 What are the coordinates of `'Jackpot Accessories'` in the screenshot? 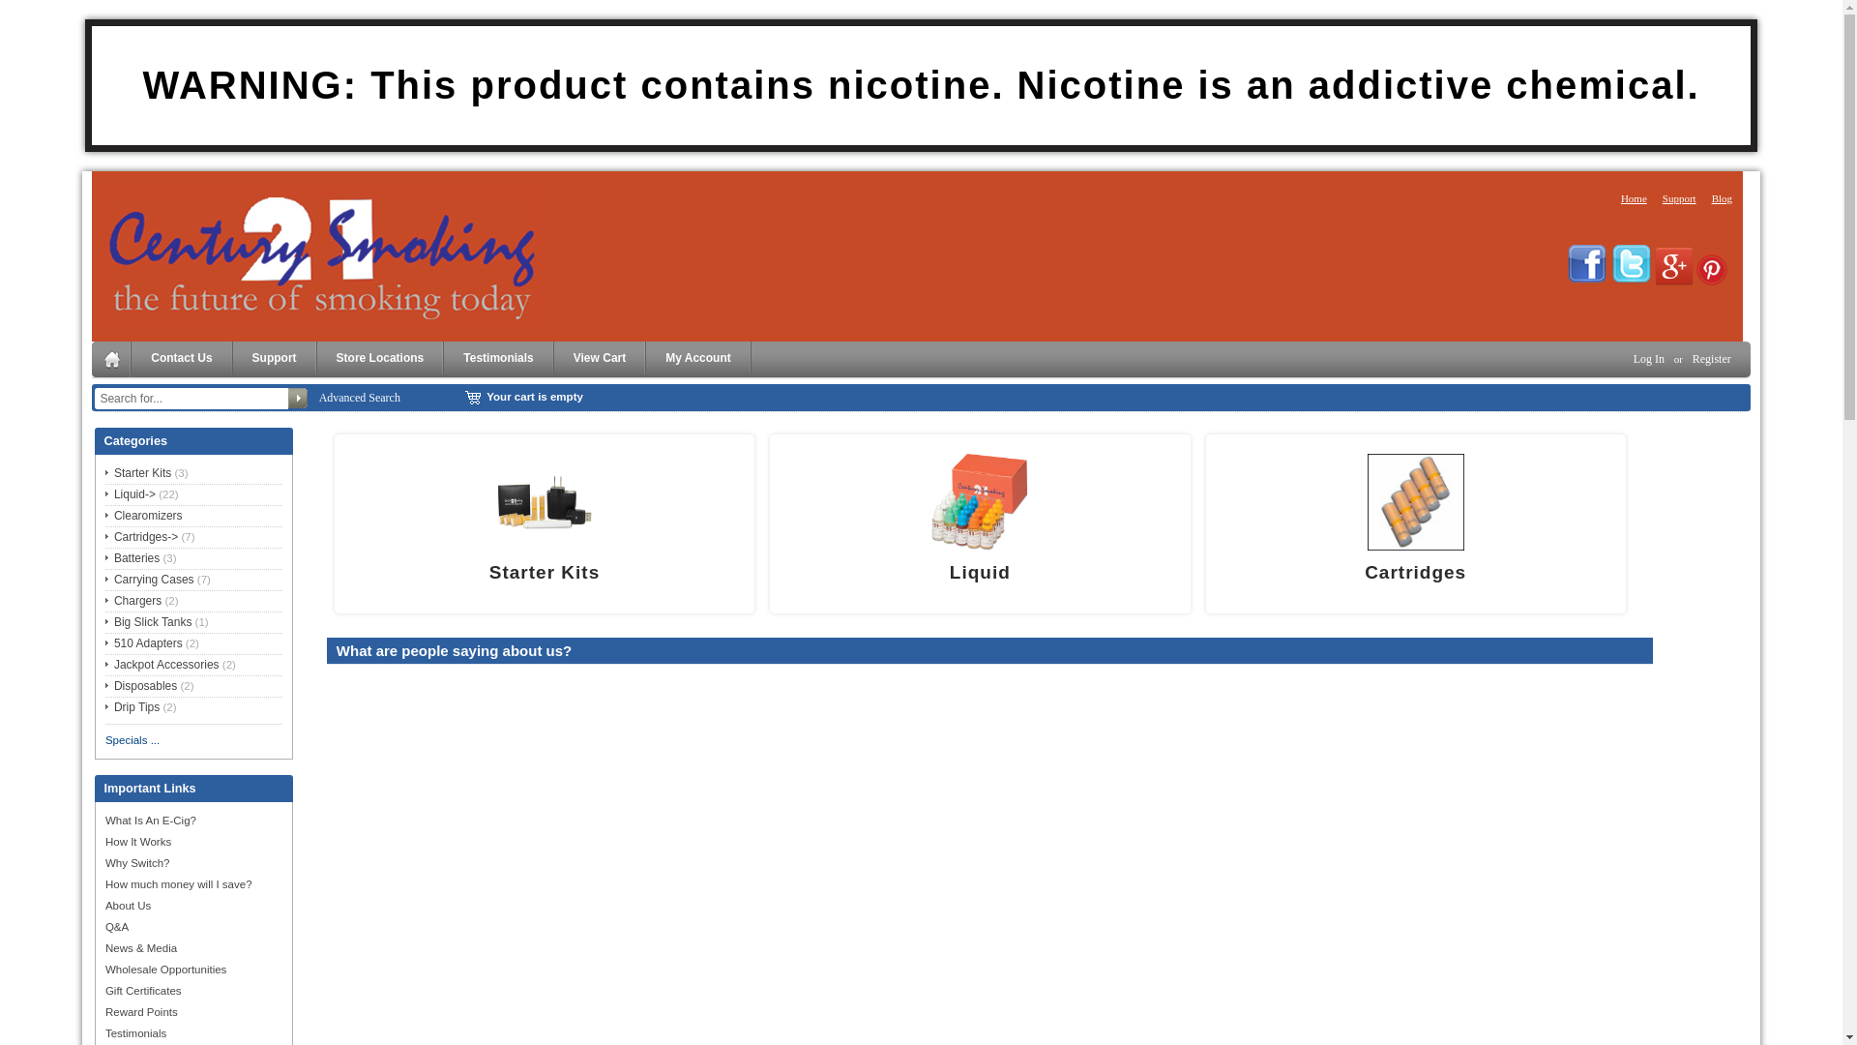 It's located at (162, 663).